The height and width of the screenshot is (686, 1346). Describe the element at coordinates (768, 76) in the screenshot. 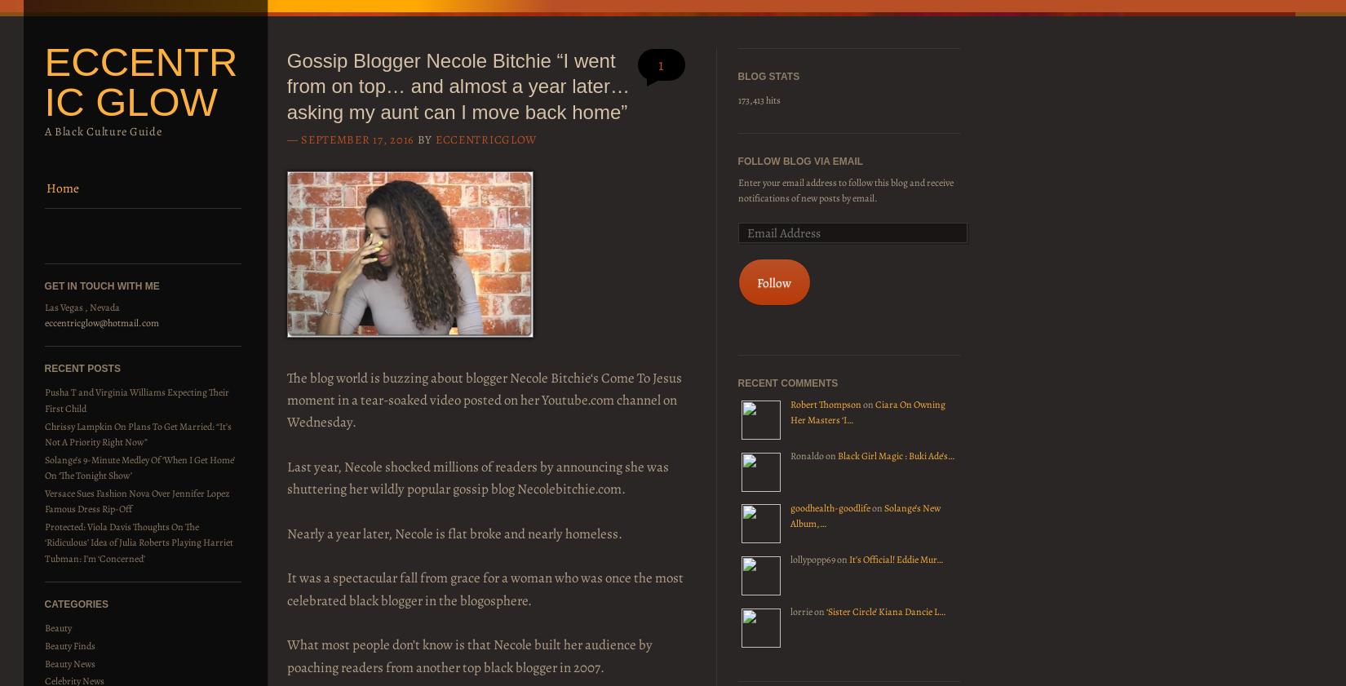

I see `'Blog Stats'` at that location.